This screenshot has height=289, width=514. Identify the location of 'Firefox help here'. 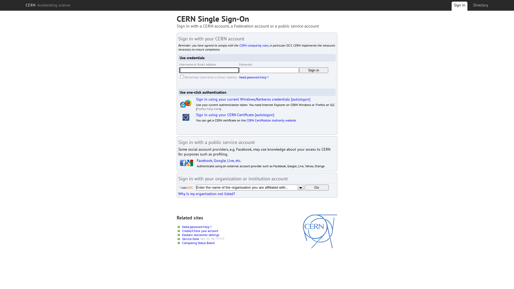
(196, 108).